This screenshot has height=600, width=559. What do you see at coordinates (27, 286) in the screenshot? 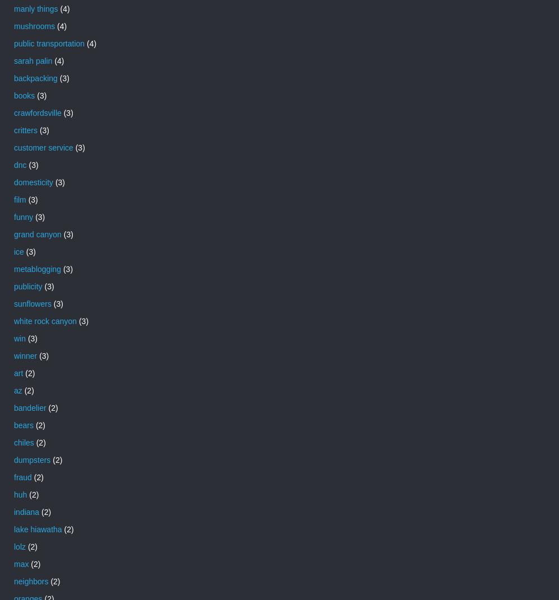
I see `'publicity'` at bounding box center [27, 286].